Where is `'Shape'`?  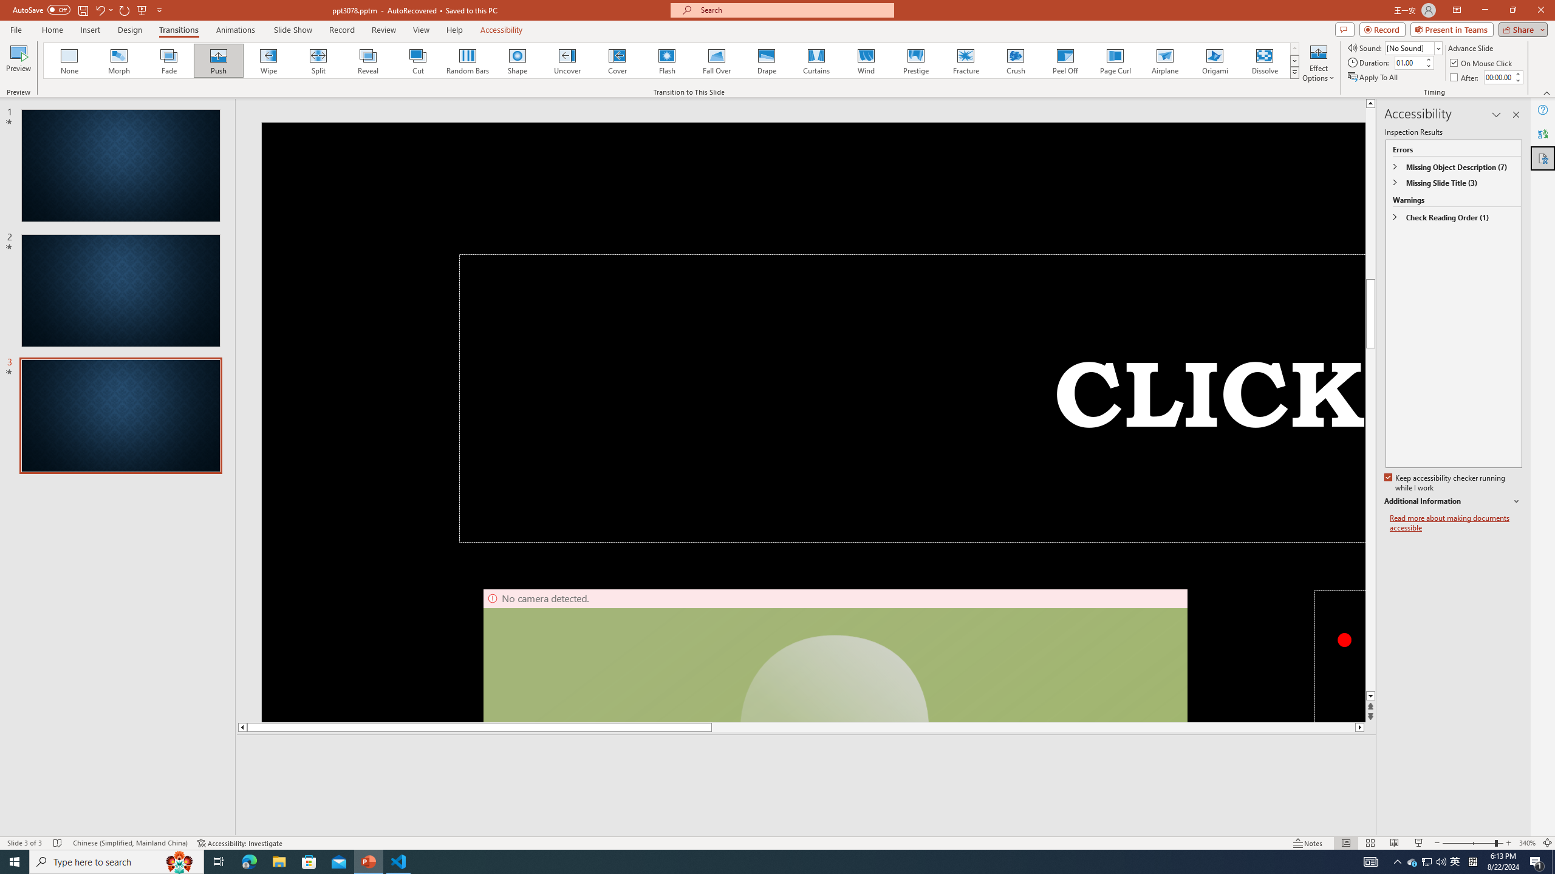
'Shape' is located at coordinates (517, 60).